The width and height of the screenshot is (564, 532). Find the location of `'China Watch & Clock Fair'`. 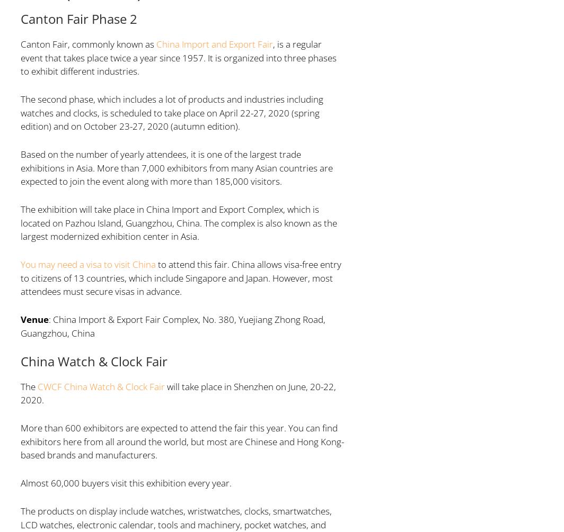

'China Watch & Clock Fair' is located at coordinates (93, 360).